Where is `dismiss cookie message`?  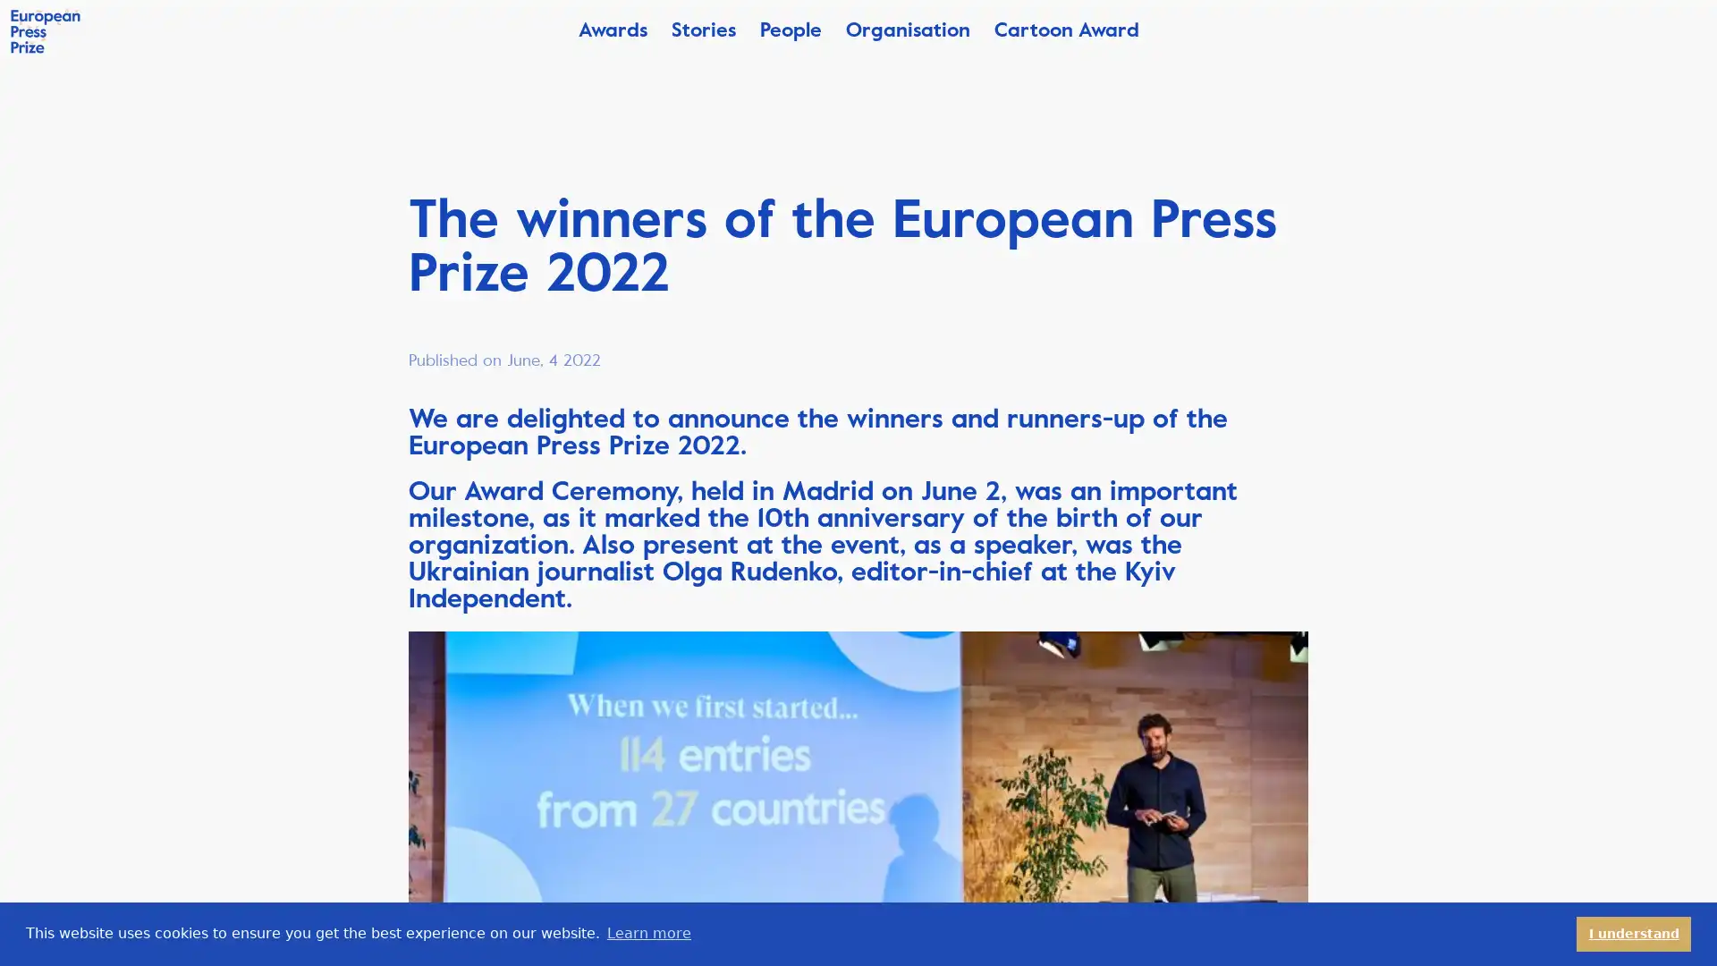
dismiss cookie message is located at coordinates (1634, 933).